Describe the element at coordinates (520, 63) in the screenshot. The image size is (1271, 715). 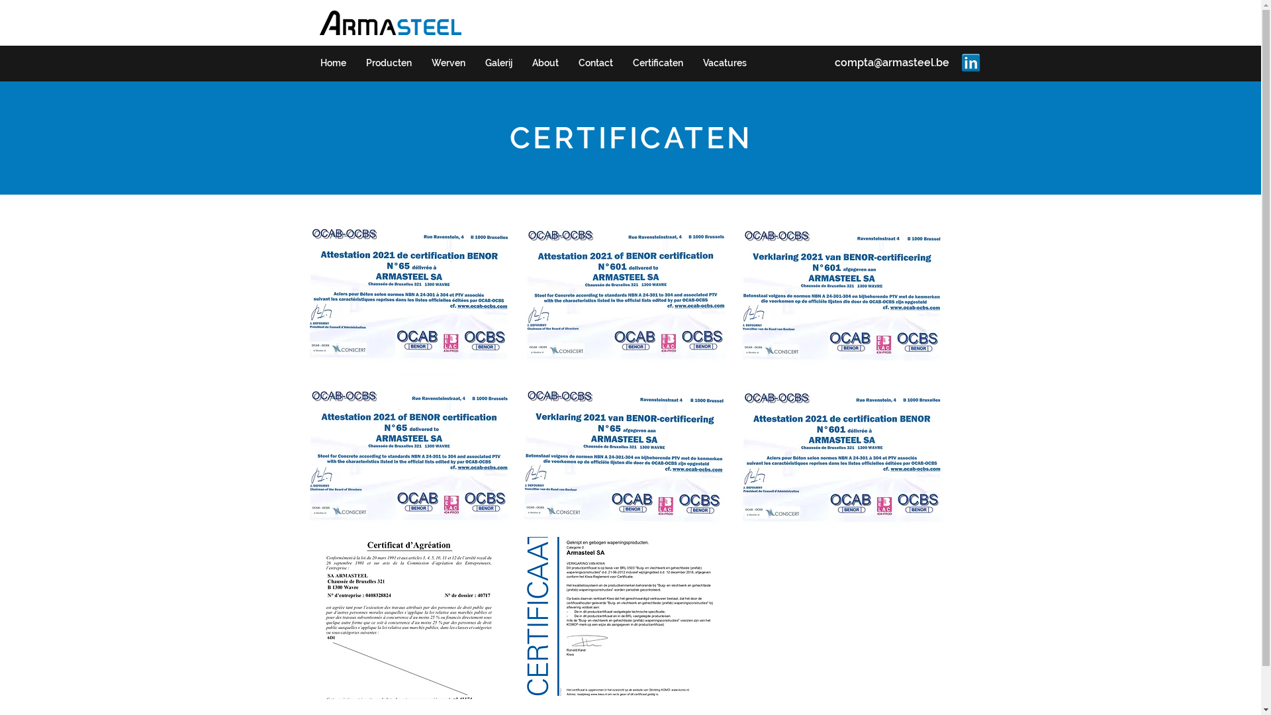
I see `'About'` at that location.